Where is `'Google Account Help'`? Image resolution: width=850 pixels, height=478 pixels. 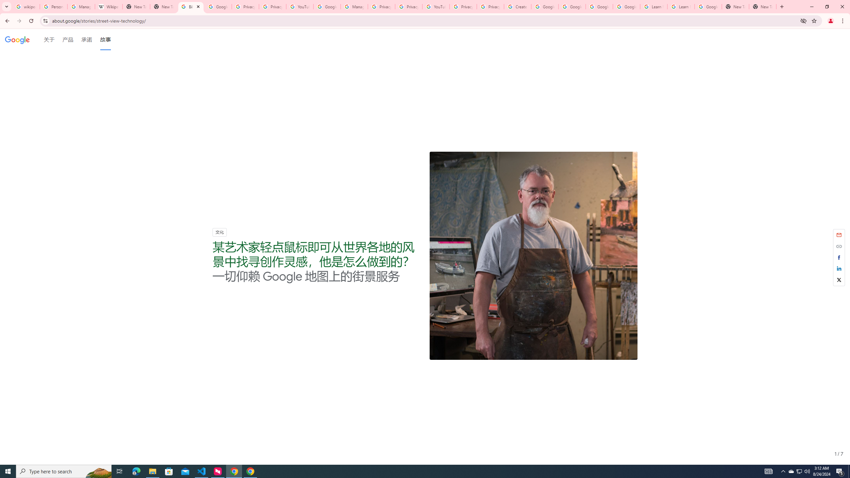
'Google Account Help' is located at coordinates (544, 6).